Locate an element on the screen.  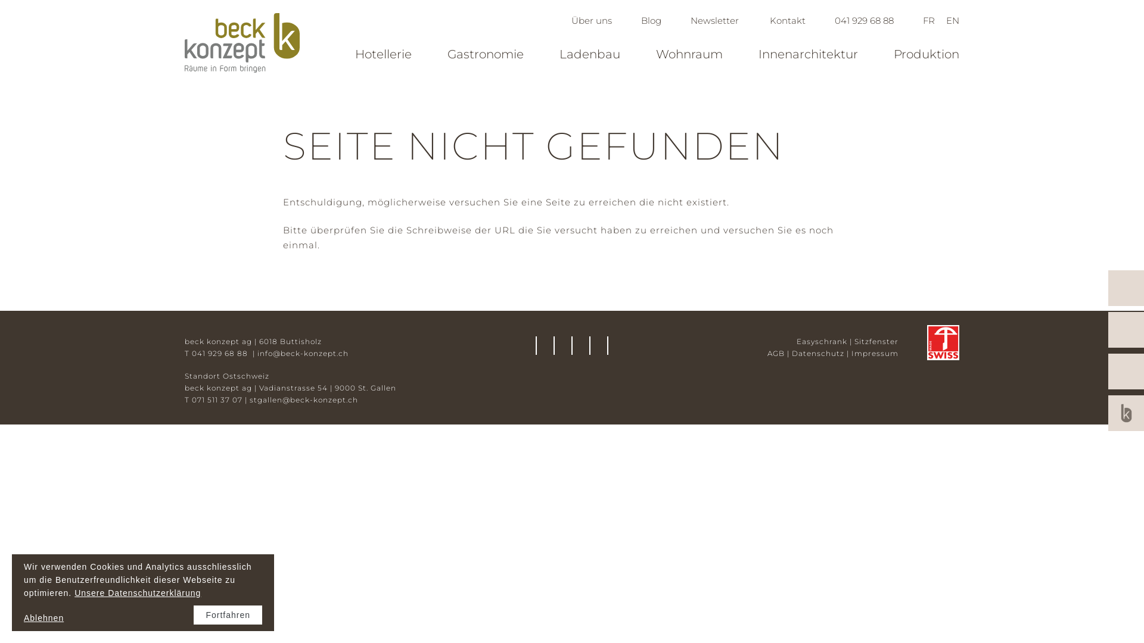
'Easyschrank' is located at coordinates (821, 341).